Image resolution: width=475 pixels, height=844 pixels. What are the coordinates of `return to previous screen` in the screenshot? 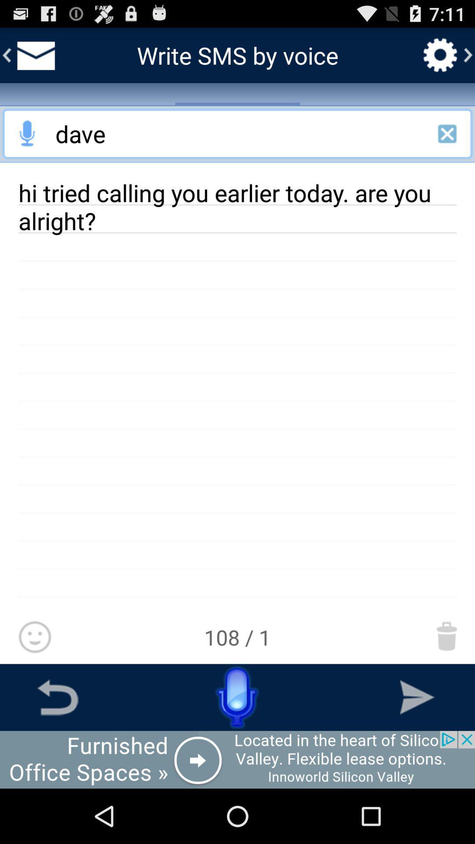 It's located at (58, 697).